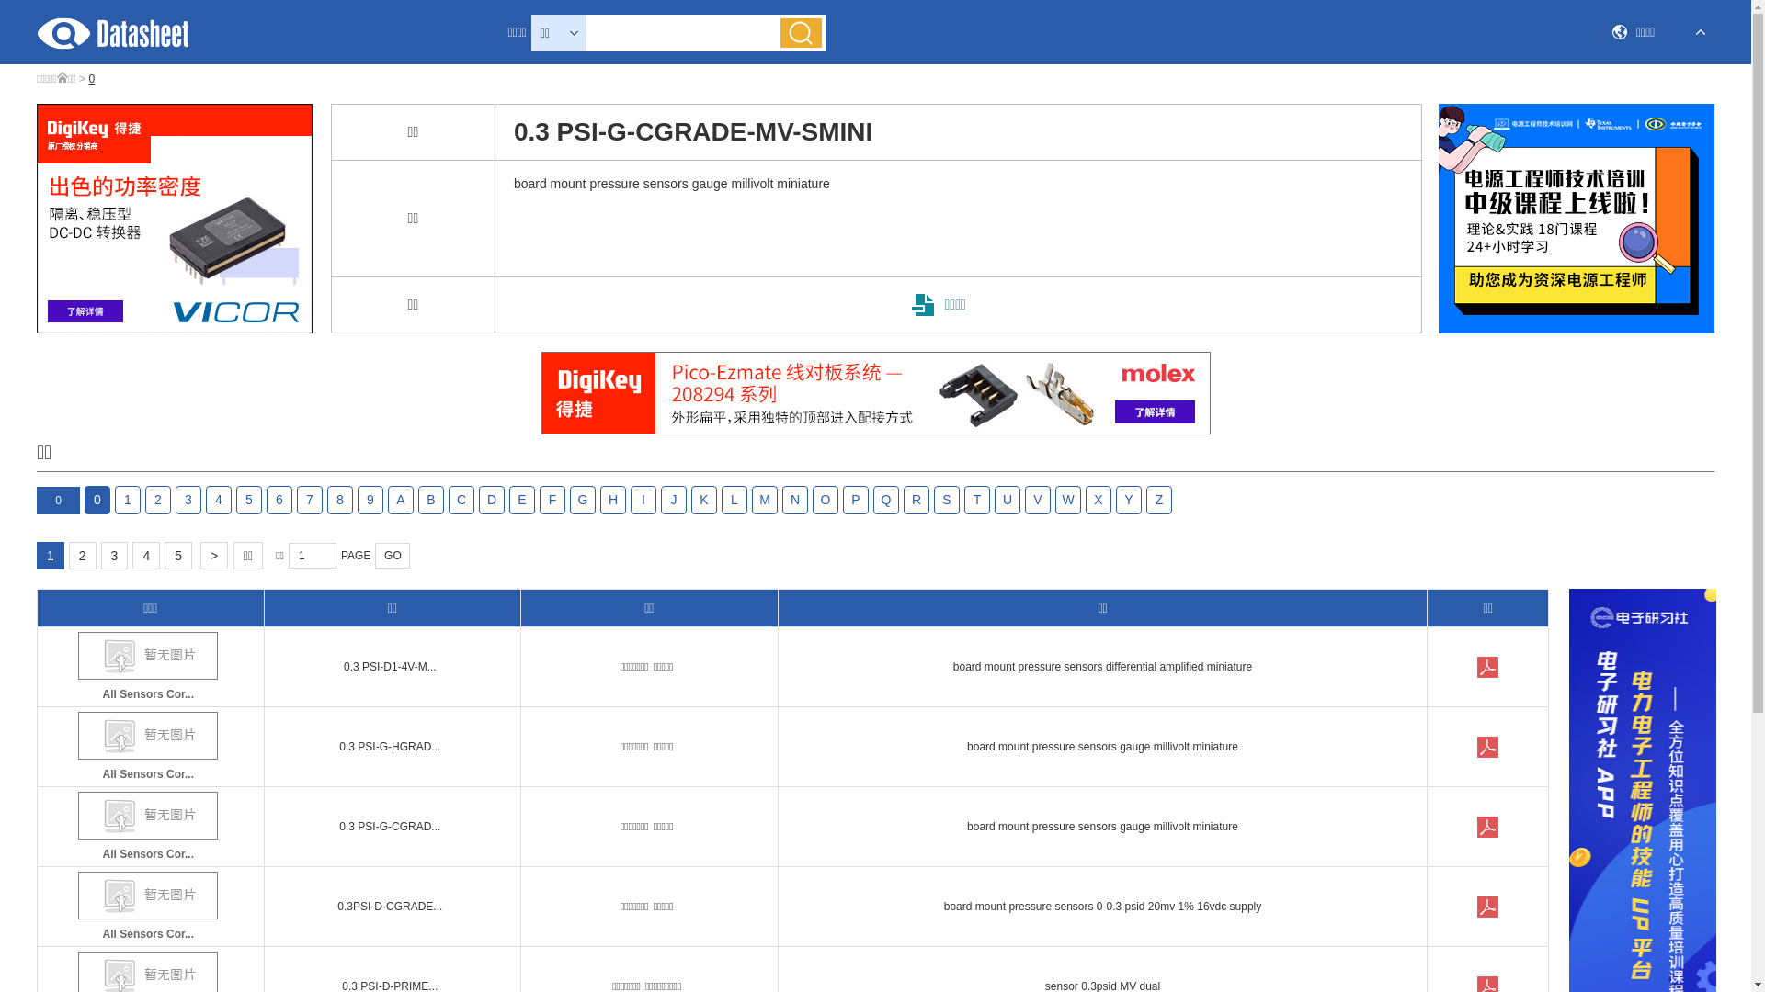 Image resolution: width=1765 pixels, height=992 pixels. What do you see at coordinates (387, 500) in the screenshot?
I see `'A'` at bounding box center [387, 500].